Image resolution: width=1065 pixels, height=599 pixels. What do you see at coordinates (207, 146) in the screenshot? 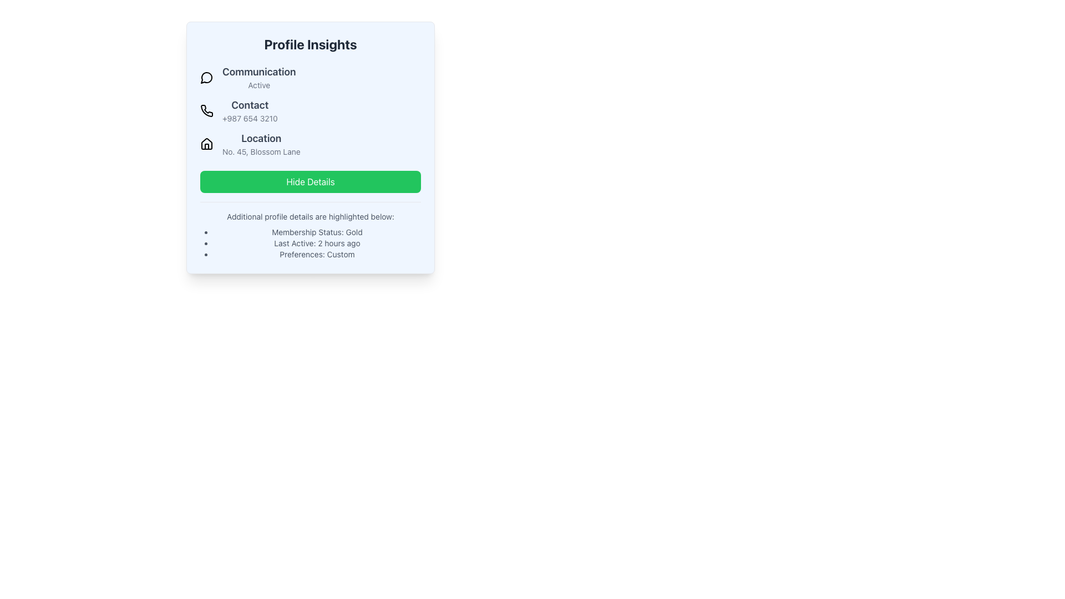
I see `the vertical rectangle resembling a door opening within a house icon, located on the third row of the profile insights panel, adjacent to the label 'Location'` at bounding box center [207, 146].